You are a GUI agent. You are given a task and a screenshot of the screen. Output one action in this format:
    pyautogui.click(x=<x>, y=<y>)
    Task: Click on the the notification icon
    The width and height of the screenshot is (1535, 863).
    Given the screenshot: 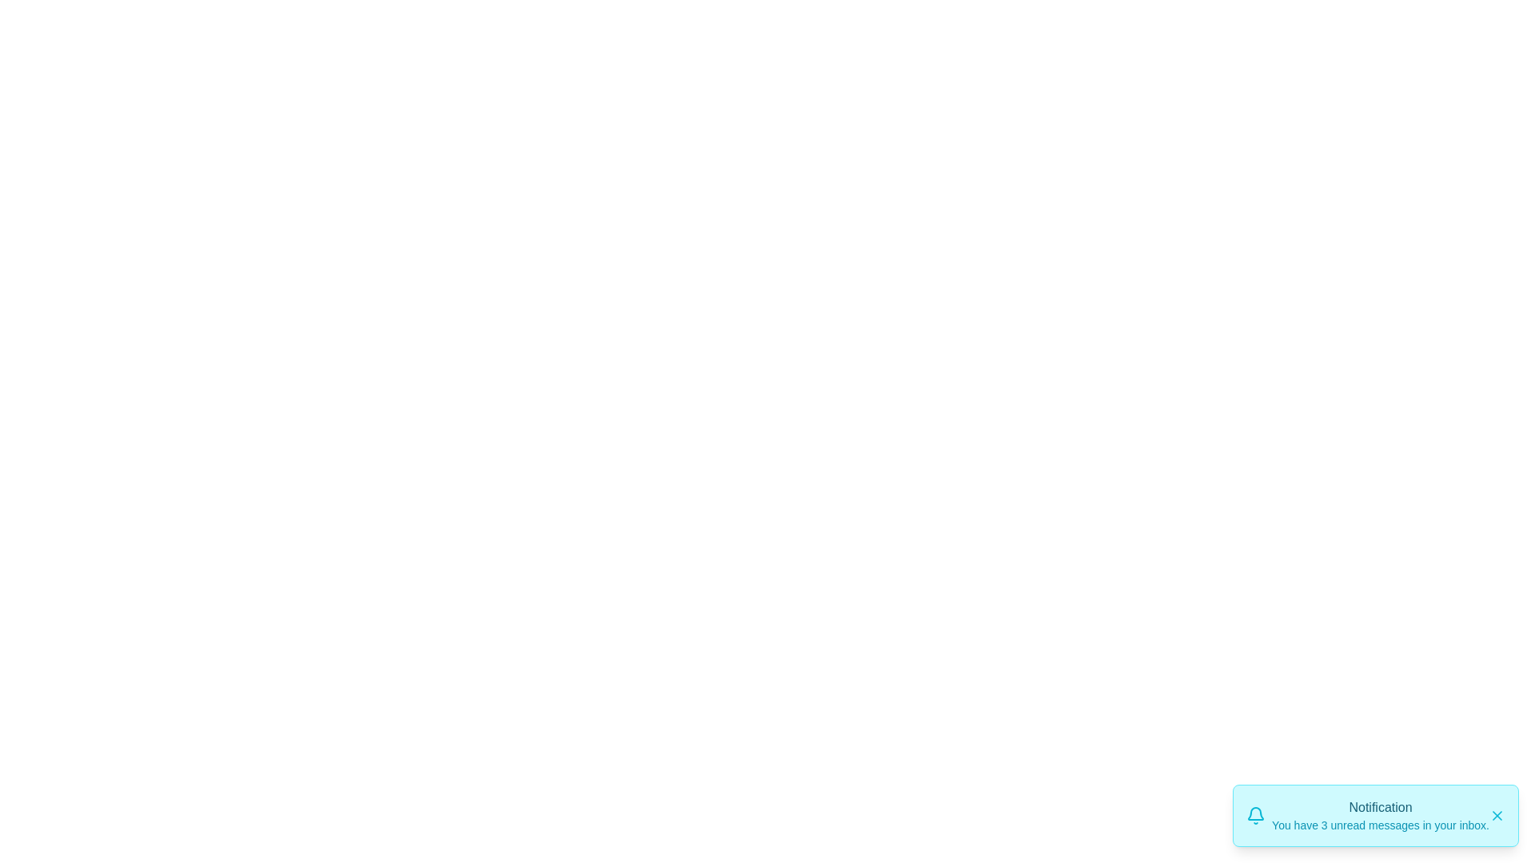 What is the action you would take?
    pyautogui.click(x=1254, y=816)
    